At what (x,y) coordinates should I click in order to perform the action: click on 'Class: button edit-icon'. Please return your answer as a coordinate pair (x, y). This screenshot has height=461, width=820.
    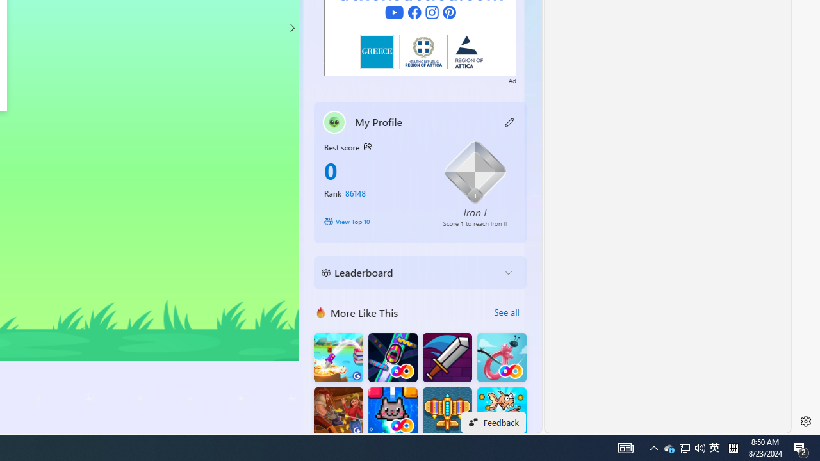
    Looking at the image, I should click on (509, 122).